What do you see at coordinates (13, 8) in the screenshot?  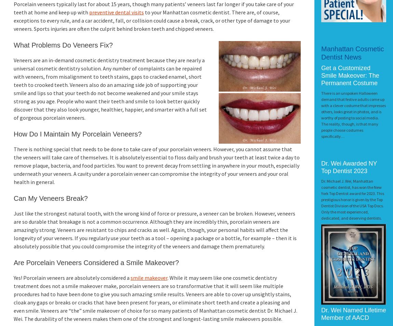 I see `'Porcelain veneers typically last for about 15 years, though many patients’ veneers last far longer if you take care of your teeth at home and keep up with'` at bounding box center [13, 8].